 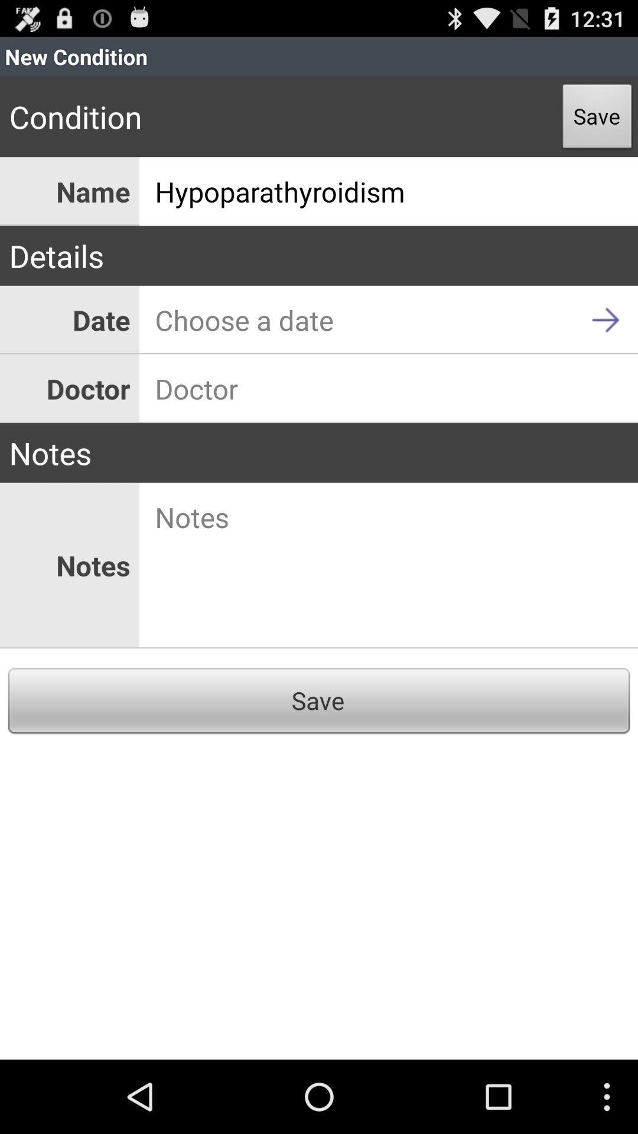 What do you see at coordinates (389, 565) in the screenshot?
I see `write coments` at bounding box center [389, 565].